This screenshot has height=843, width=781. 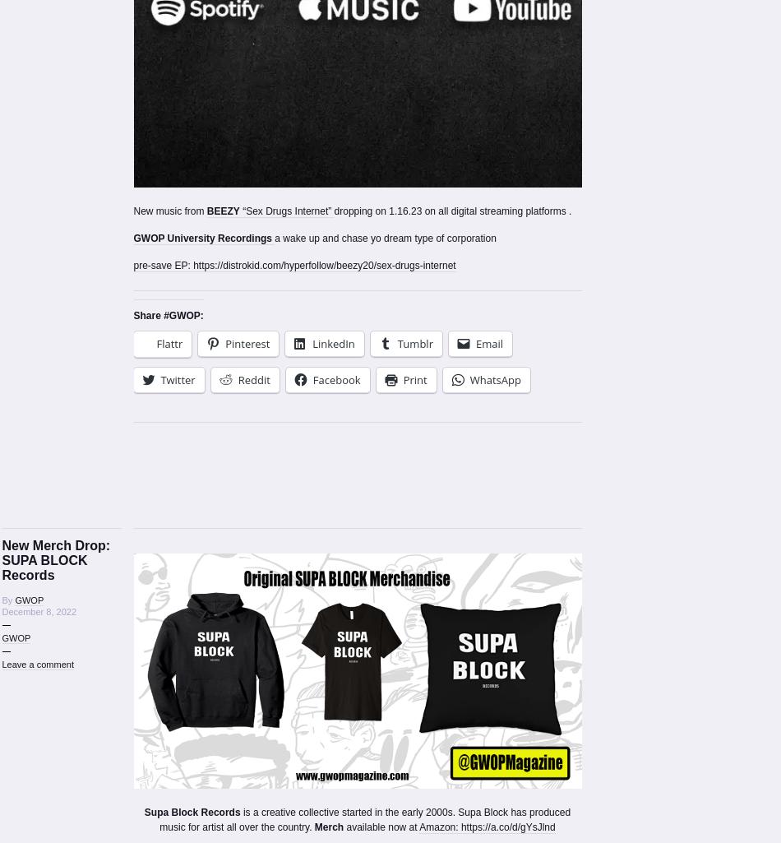 I want to click on 'December 8, 2022', so click(x=1, y=611).